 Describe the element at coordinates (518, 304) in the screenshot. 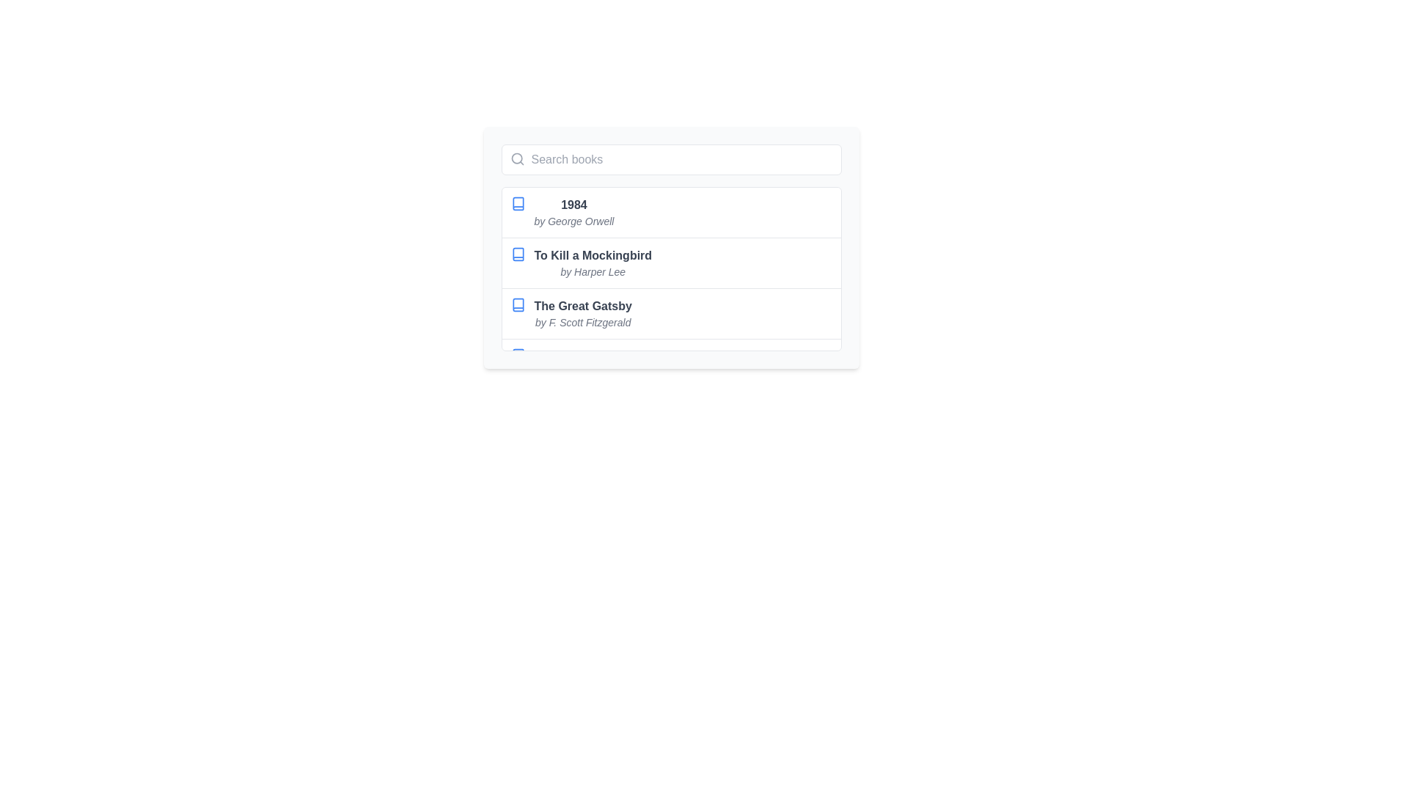

I see `the blue vector graphic icon resembling a book, located next to the text 'The Great Gatsby by F. Scott Fitzgerald', which is the third list item in a vertical arrangement` at that location.